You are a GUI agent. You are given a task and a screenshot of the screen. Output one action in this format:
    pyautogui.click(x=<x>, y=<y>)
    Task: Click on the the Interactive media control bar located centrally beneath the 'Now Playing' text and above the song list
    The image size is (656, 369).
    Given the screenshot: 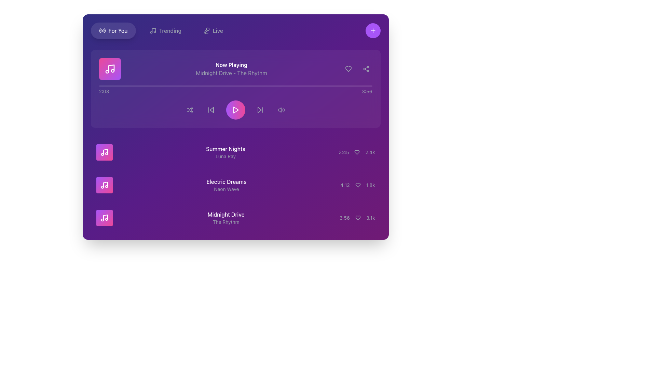 What is the action you would take?
    pyautogui.click(x=235, y=109)
    